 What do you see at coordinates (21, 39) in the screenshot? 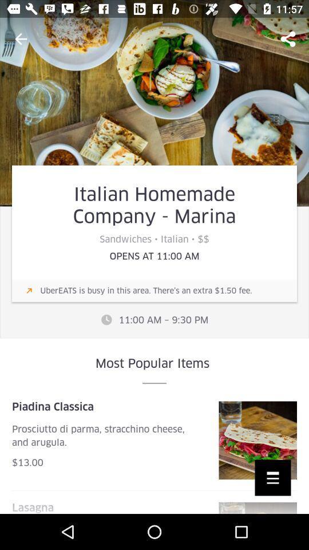
I see `the icon at the top left corner` at bounding box center [21, 39].